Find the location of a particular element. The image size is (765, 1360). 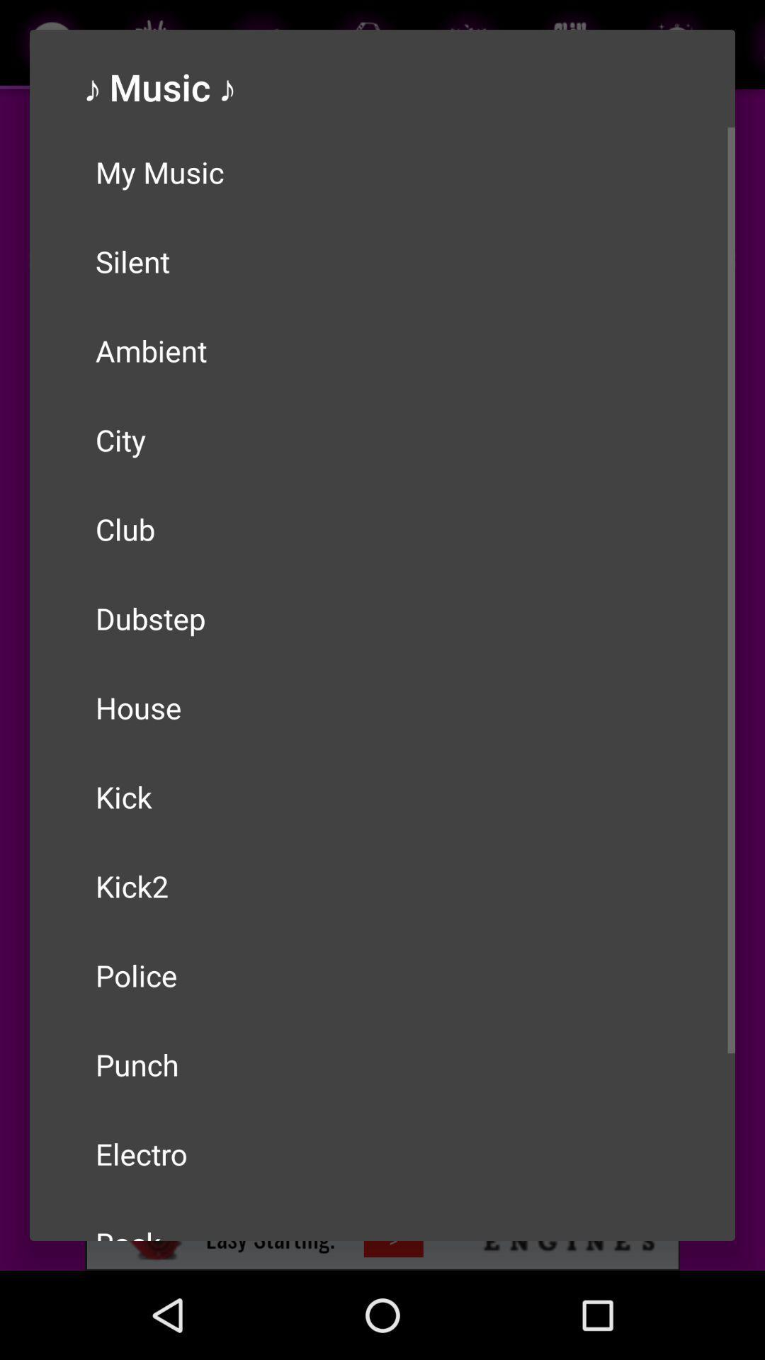

icon above 		city is located at coordinates (382, 350).